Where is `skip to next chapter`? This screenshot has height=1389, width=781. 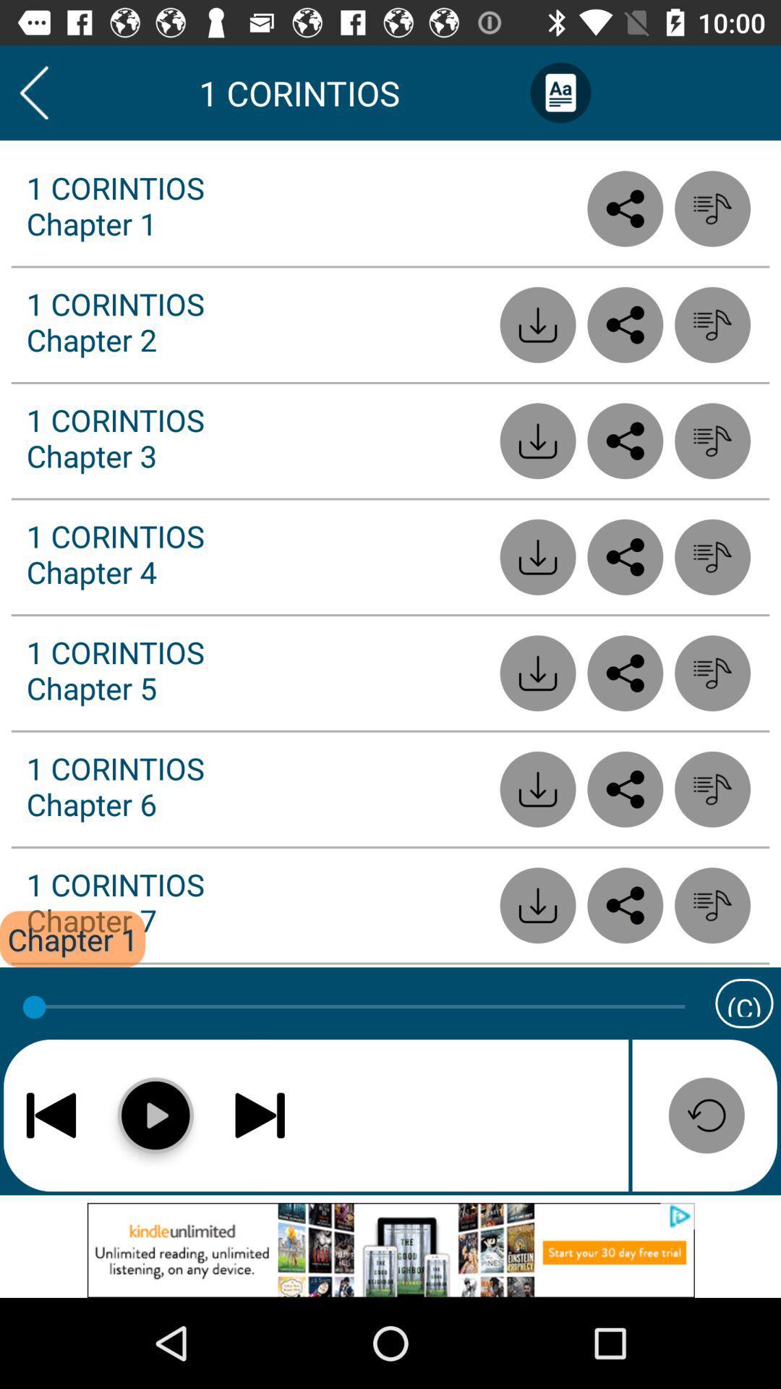 skip to next chapter is located at coordinates (259, 1114).